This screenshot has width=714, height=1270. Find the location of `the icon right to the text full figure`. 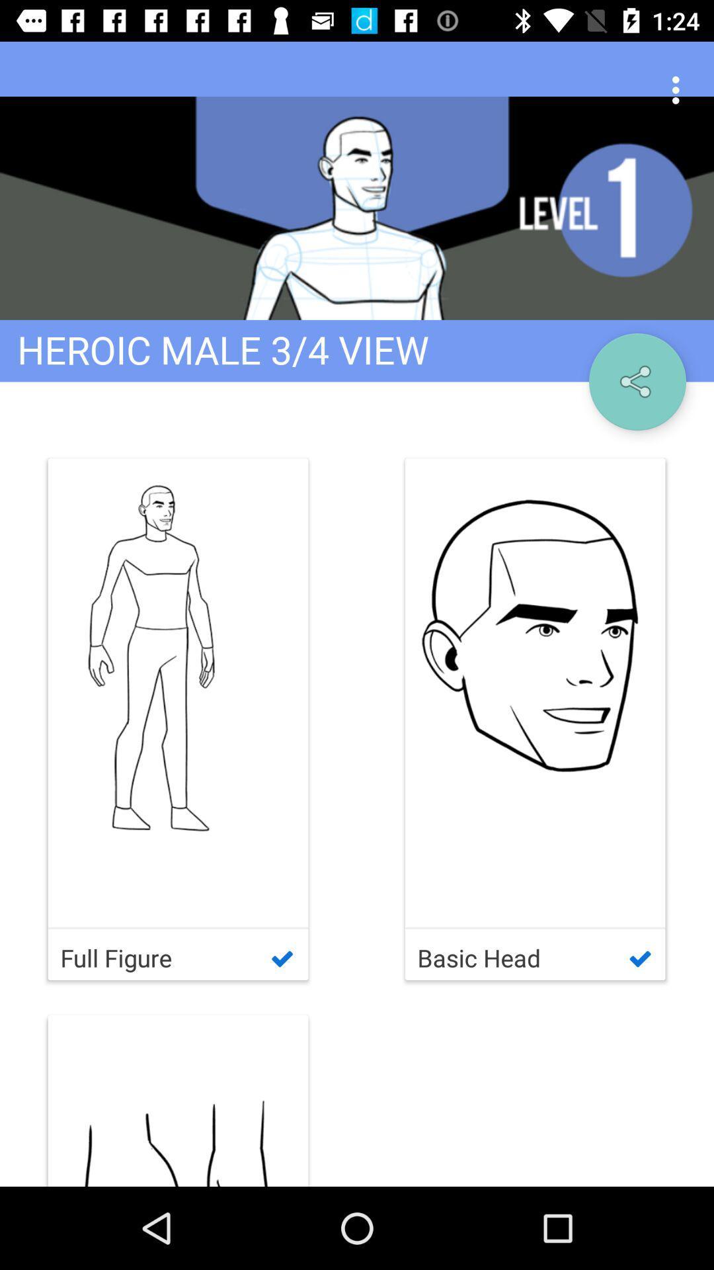

the icon right to the text full figure is located at coordinates (535, 718).